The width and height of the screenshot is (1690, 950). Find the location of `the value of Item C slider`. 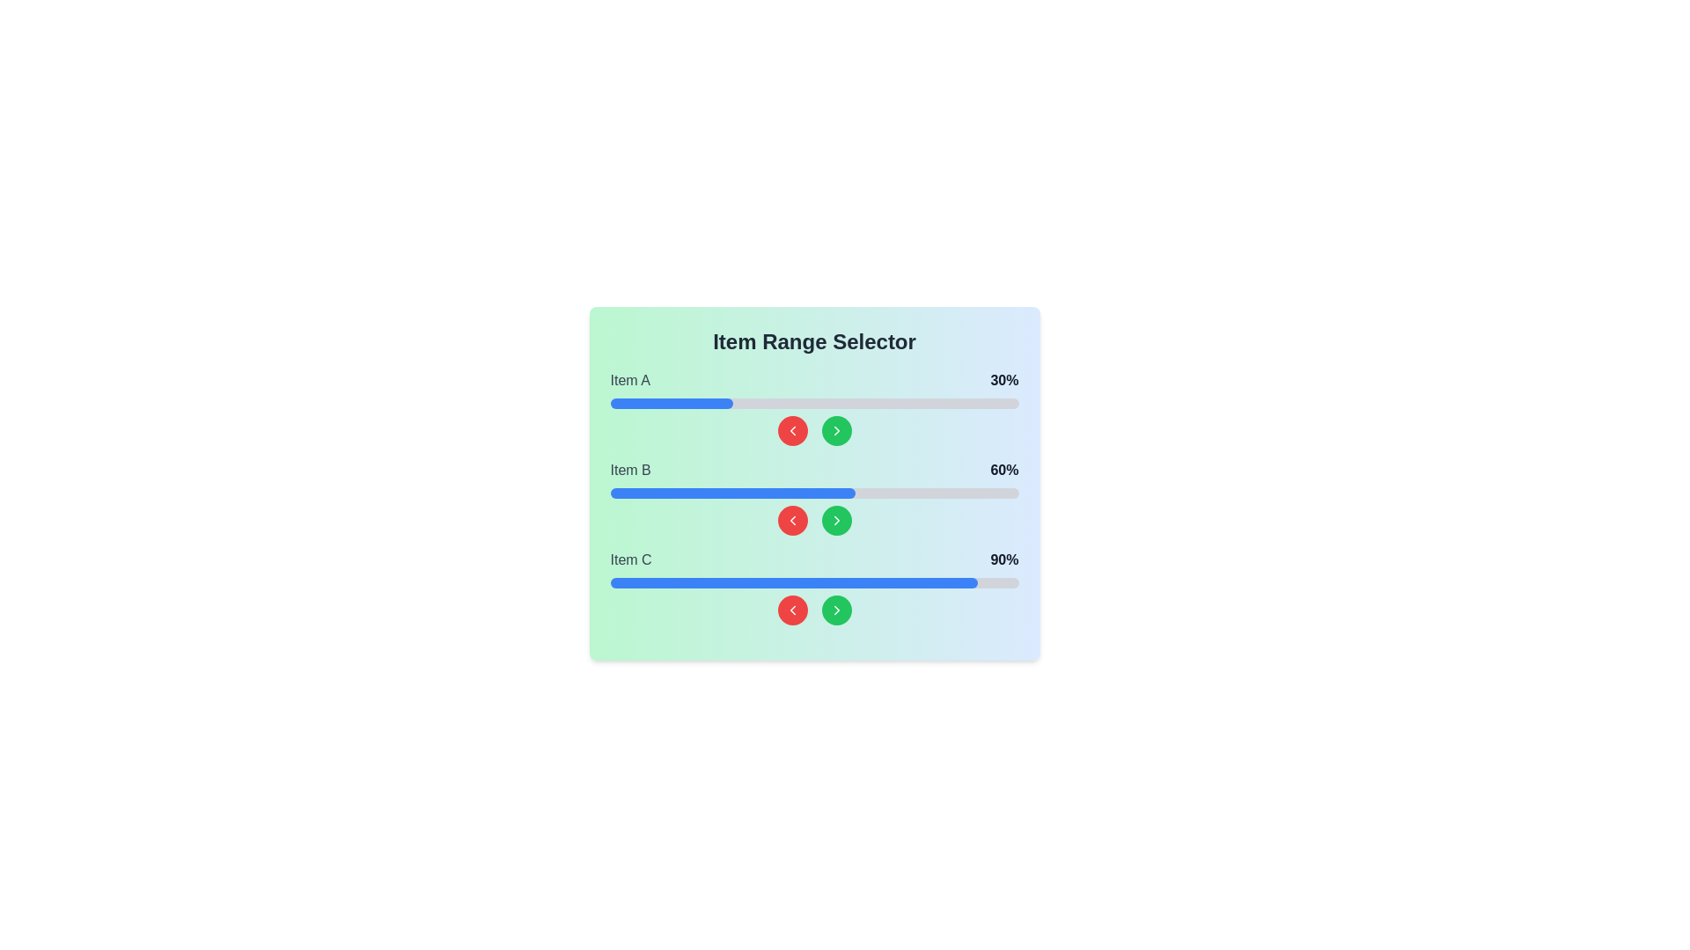

the value of Item C slider is located at coordinates (892, 583).